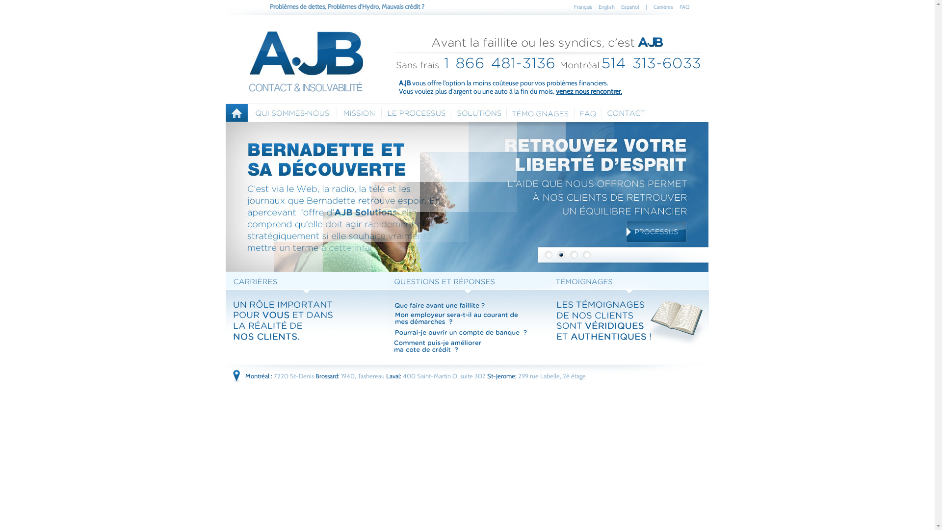  Describe the element at coordinates (679, 7) in the screenshot. I see `'FAQ'` at that location.